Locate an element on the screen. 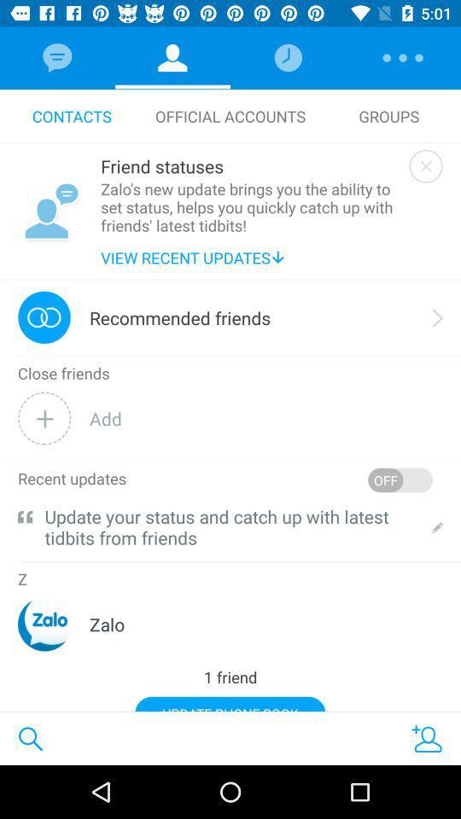  the item above the view recent updates item is located at coordinates (250, 206).